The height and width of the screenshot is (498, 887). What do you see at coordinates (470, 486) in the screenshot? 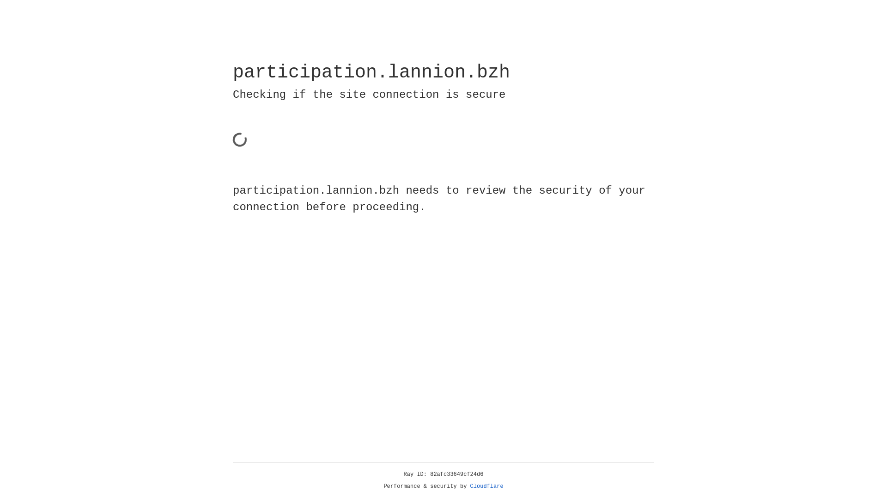
I see `'Cloudflare'` at bounding box center [470, 486].